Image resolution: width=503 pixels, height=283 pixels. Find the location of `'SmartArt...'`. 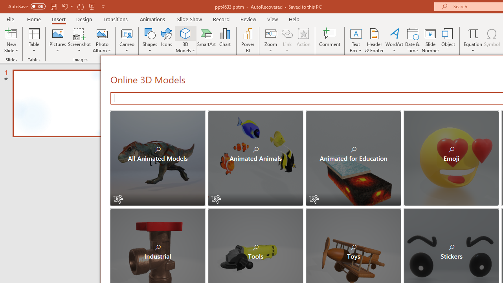

'SmartArt...' is located at coordinates (207, 40).